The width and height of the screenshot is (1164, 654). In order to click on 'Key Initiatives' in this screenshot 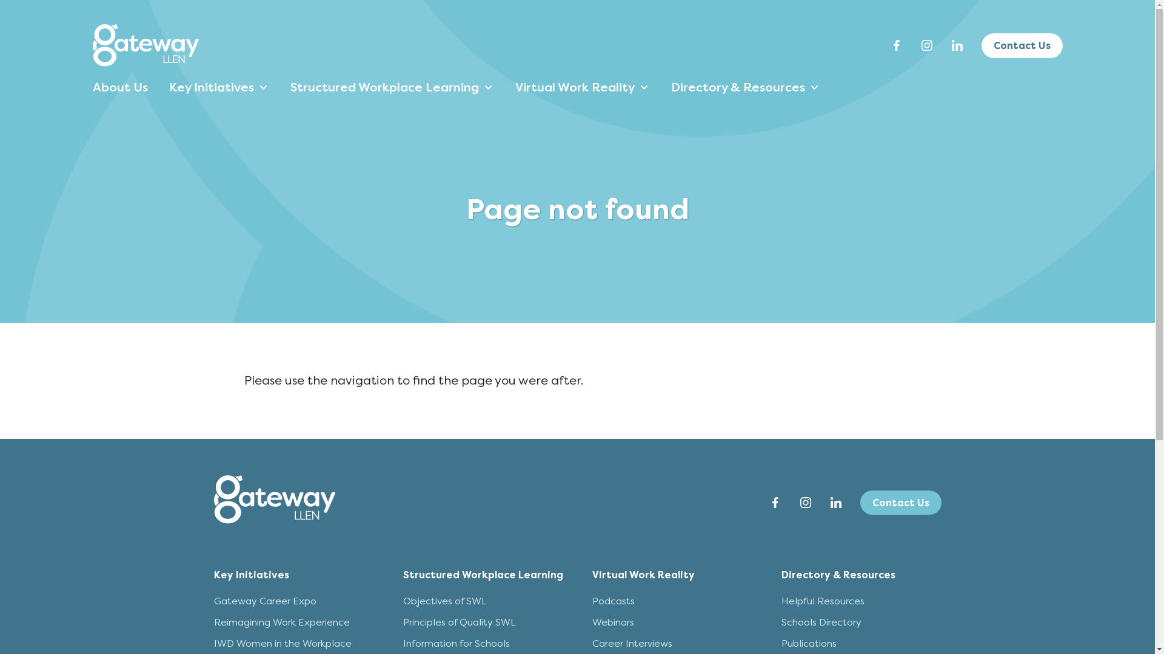, I will do `click(250, 574)`.